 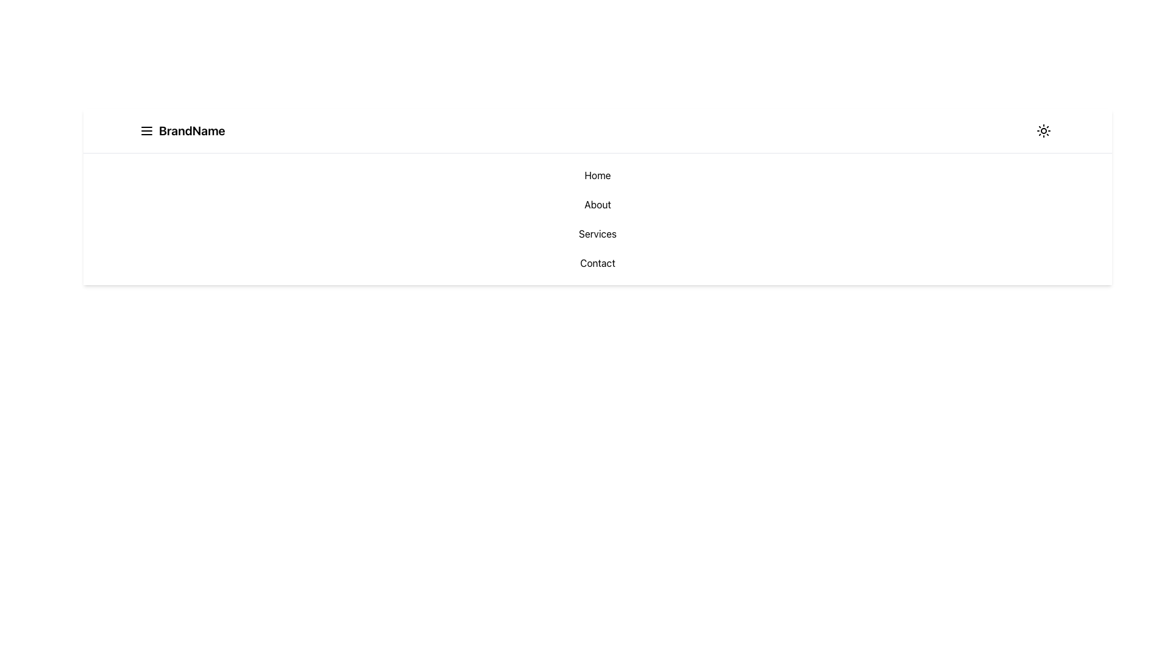 I want to click on the navigational text button that serves as a link to the contact page, positioned as the fourth item in the vertical menu list, so click(x=597, y=263).